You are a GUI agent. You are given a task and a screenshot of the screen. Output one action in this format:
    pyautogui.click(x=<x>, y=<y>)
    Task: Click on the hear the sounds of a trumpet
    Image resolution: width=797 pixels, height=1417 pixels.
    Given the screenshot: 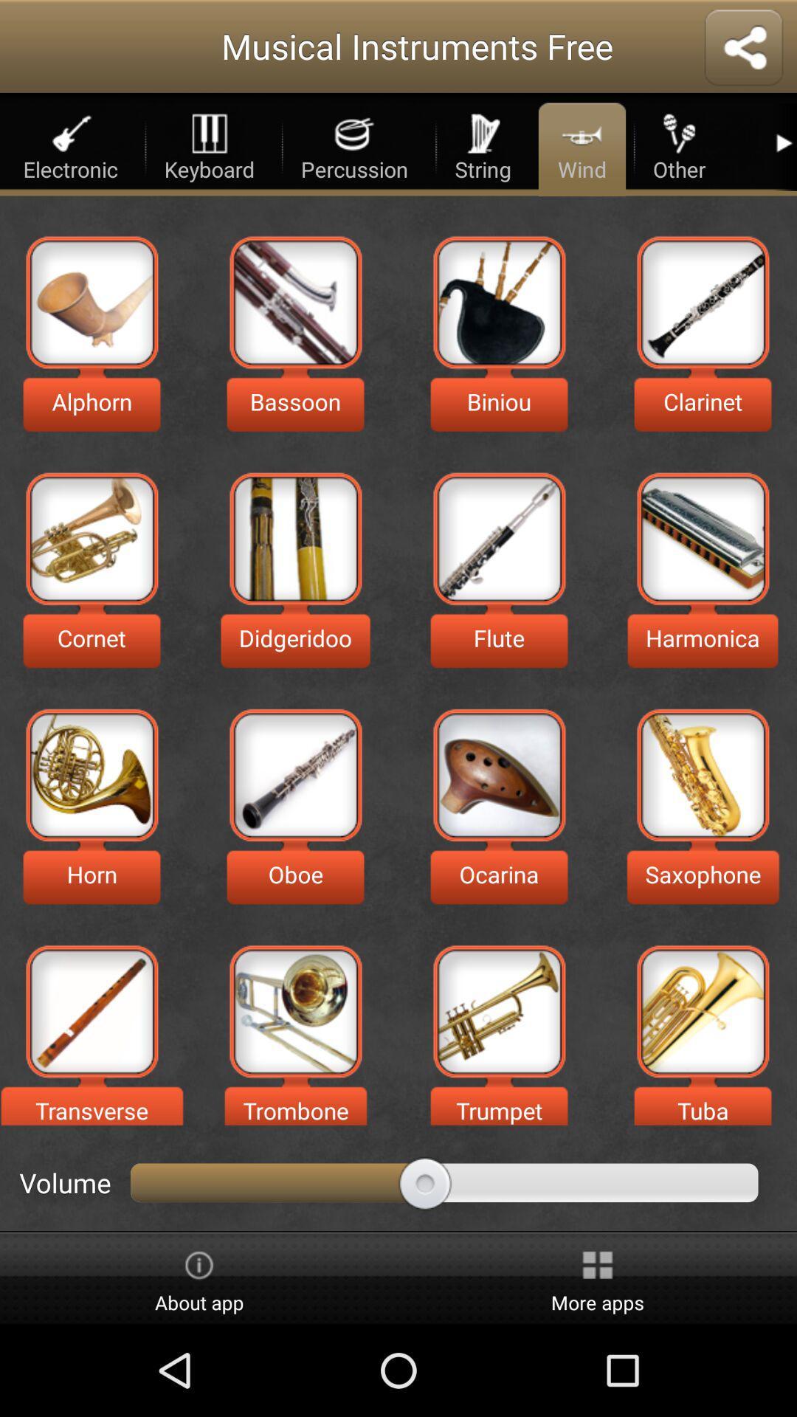 What is the action you would take?
    pyautogui.click(x=498, y=1010)
    